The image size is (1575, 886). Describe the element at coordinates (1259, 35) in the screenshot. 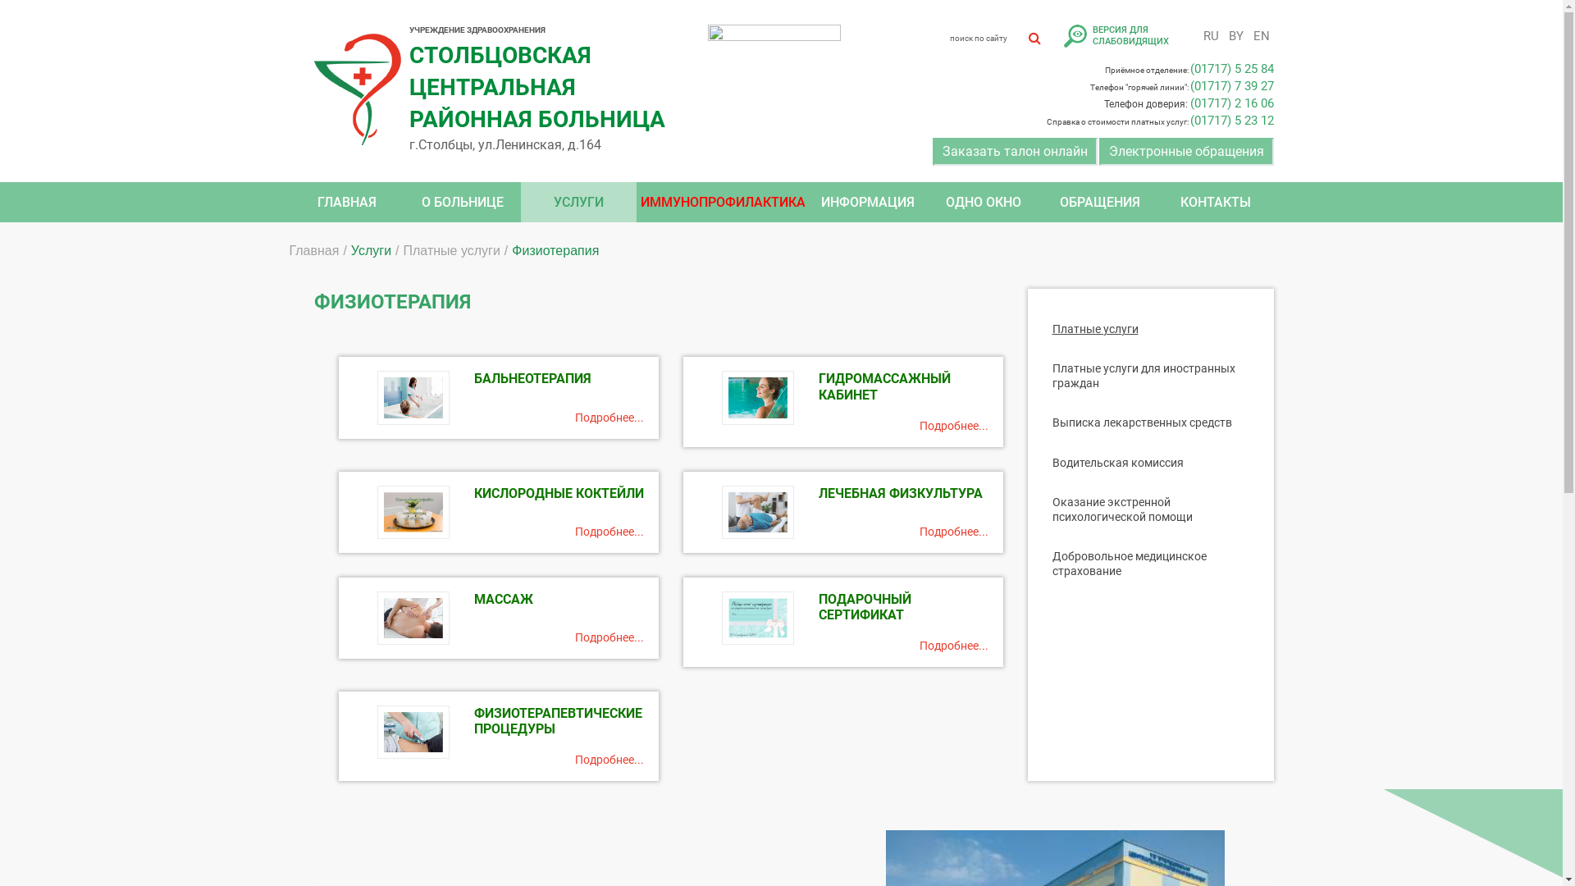

I see `'EN'` at that location.